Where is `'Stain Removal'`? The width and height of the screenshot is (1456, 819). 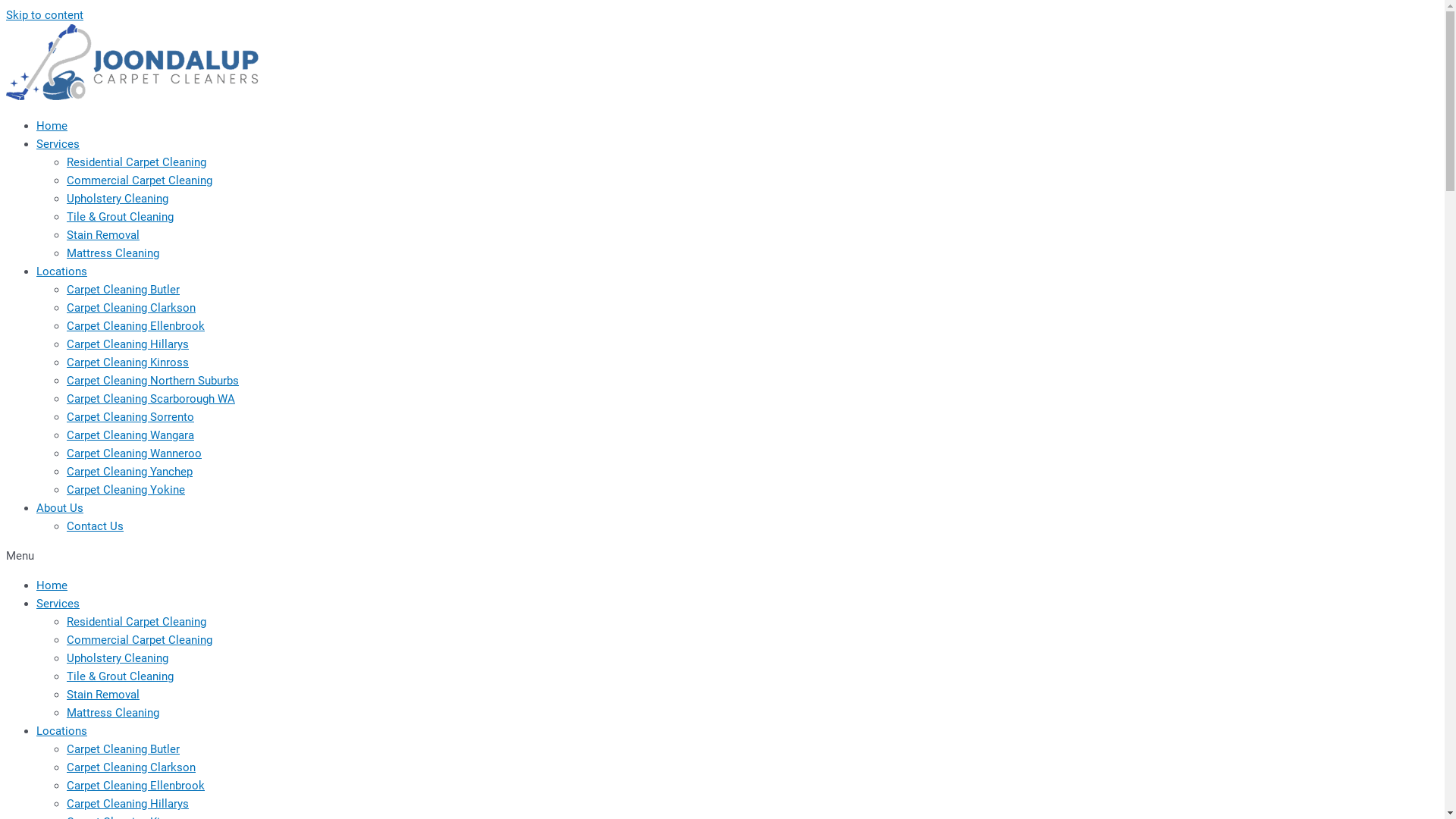 'Stain Removal' is located at coordinates (102, 234).